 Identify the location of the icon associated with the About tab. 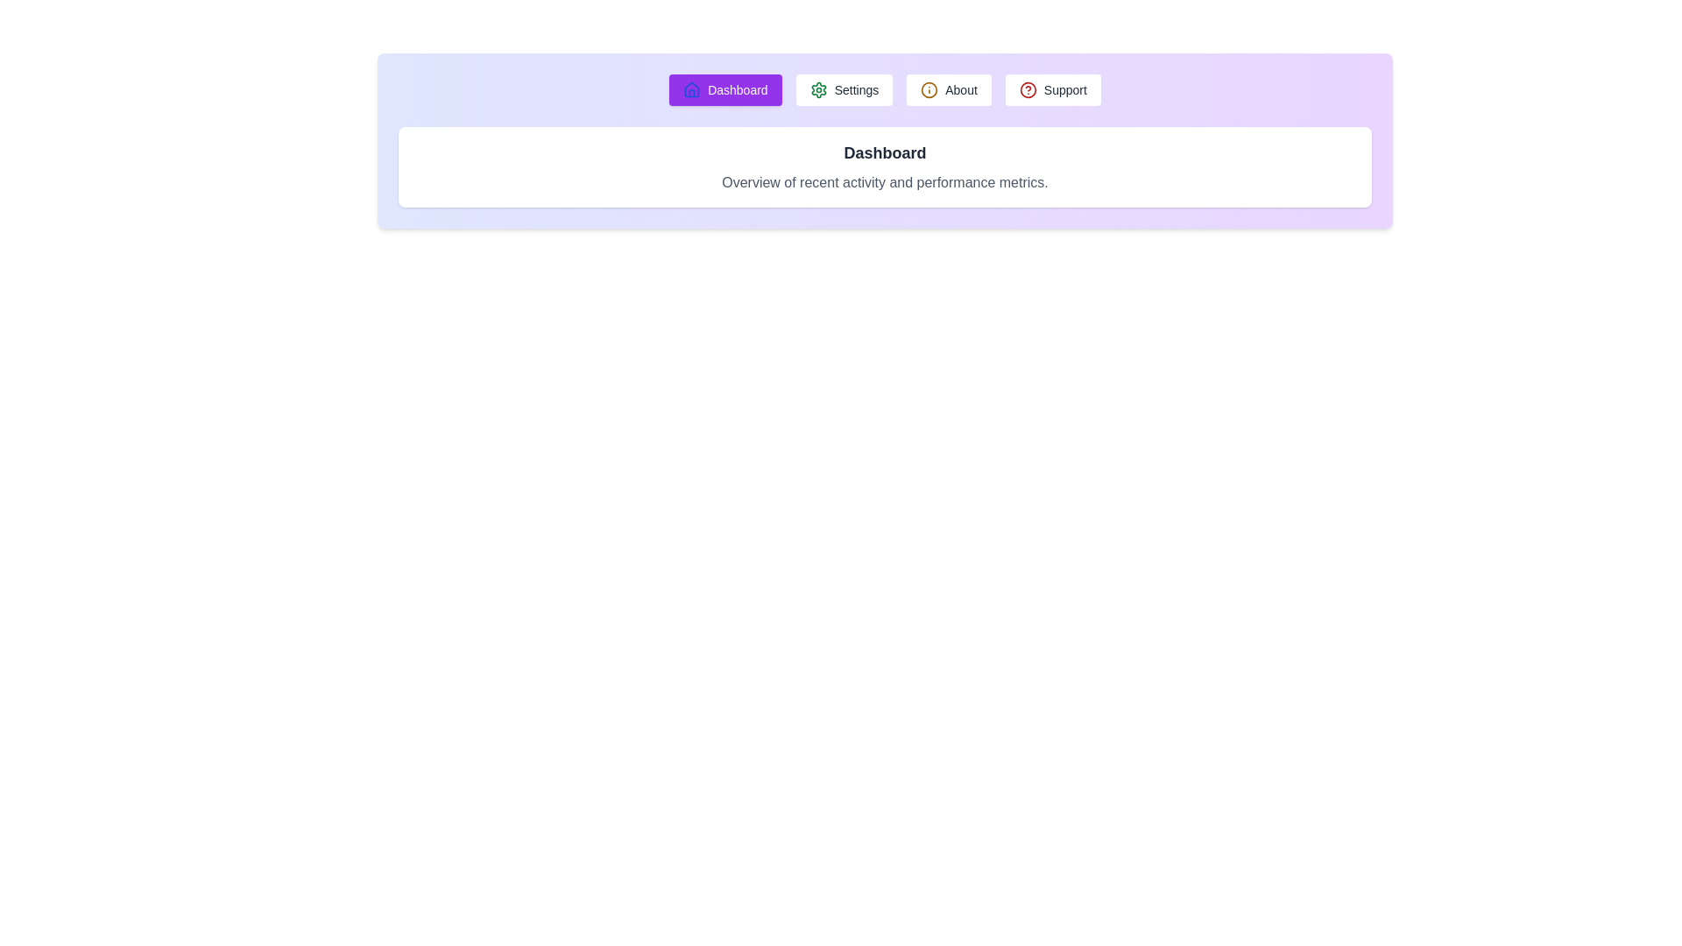
(929, 90).